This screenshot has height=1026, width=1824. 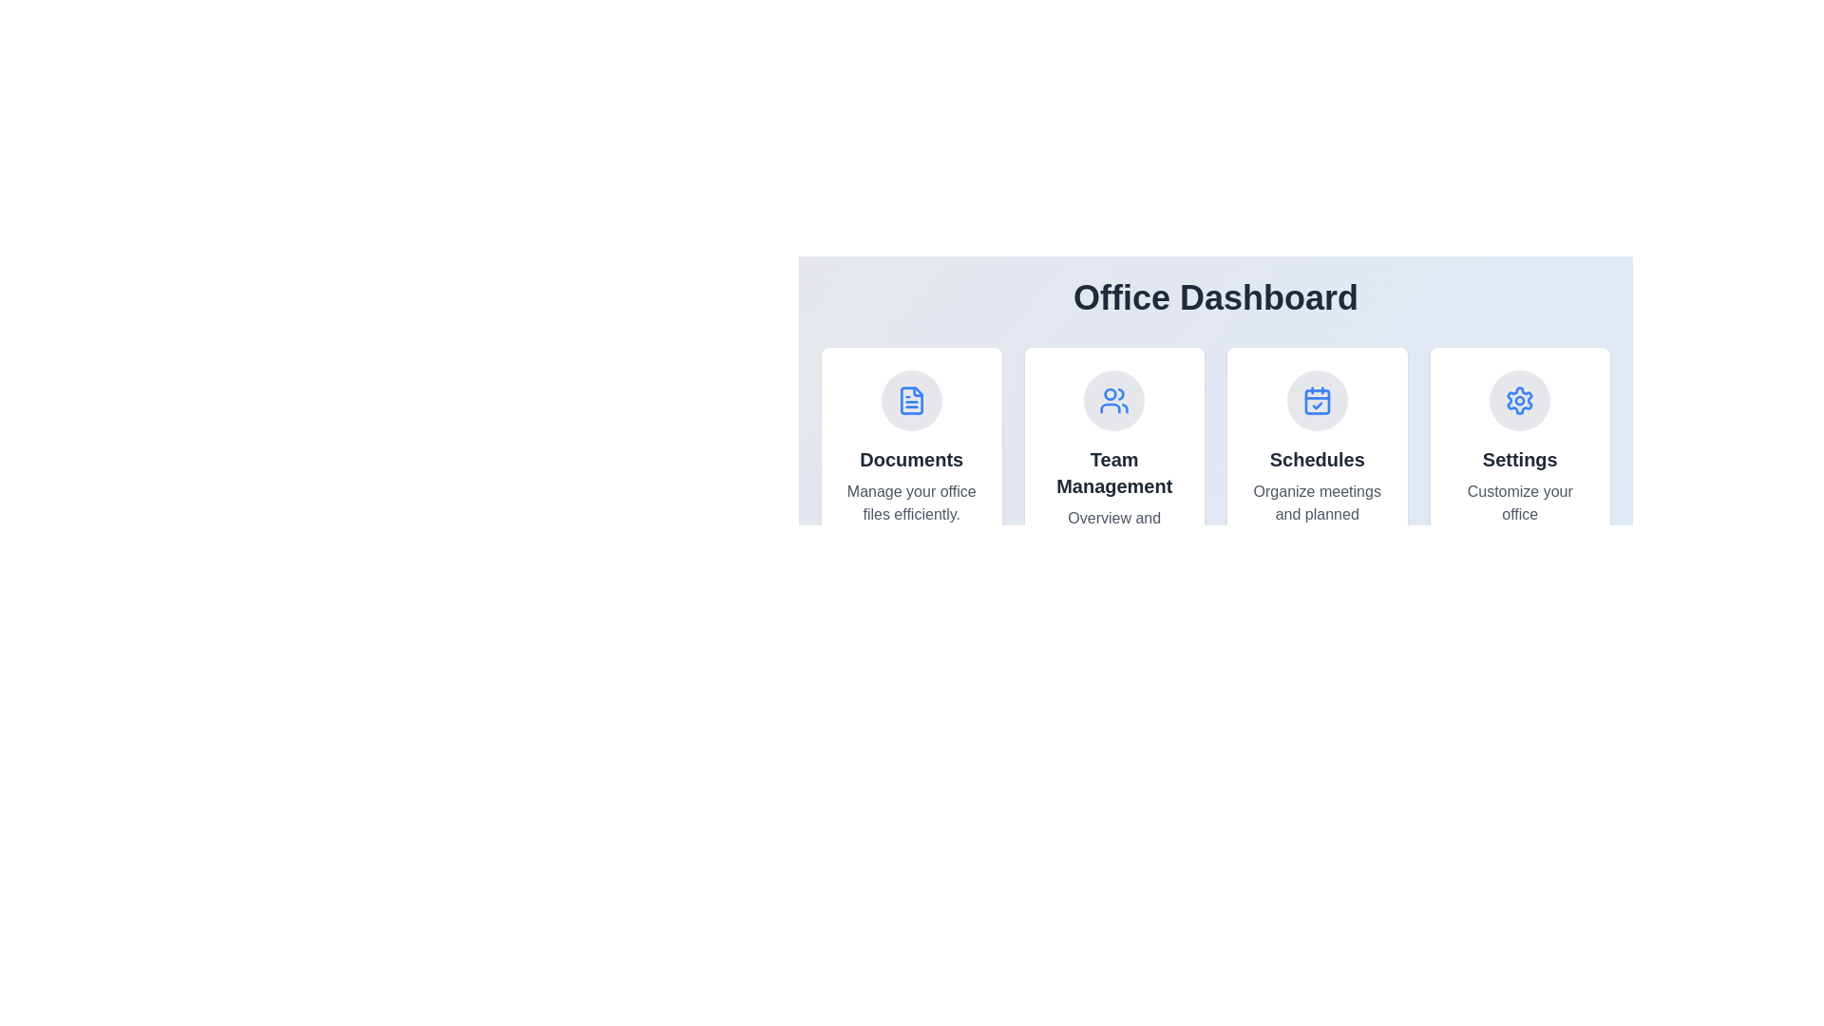 What do you see at coordinates (1114, 399) in the screenshot?
I see `the 'Team Management' icon that symbolizes teamwork and collaboration, located in the center of the card labeled 'Team Management'` at bounding box center [1114, 399].